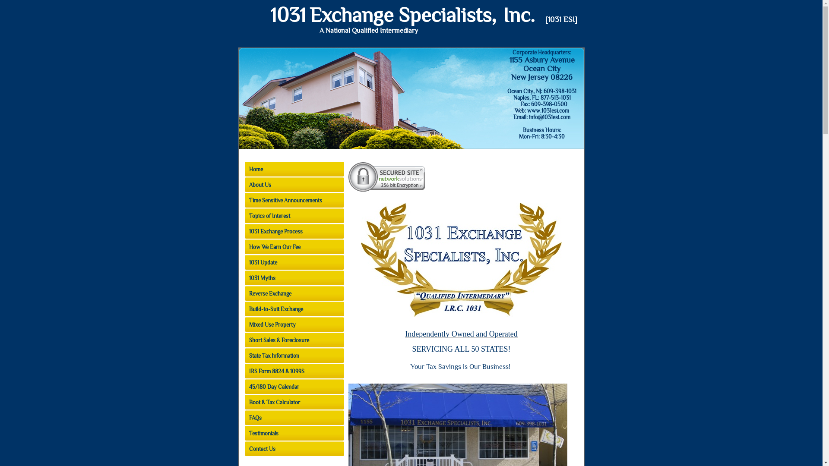 This screenshot has width=829, height=466. I want to click on 'Reverse Exchange', so click(294, 293).